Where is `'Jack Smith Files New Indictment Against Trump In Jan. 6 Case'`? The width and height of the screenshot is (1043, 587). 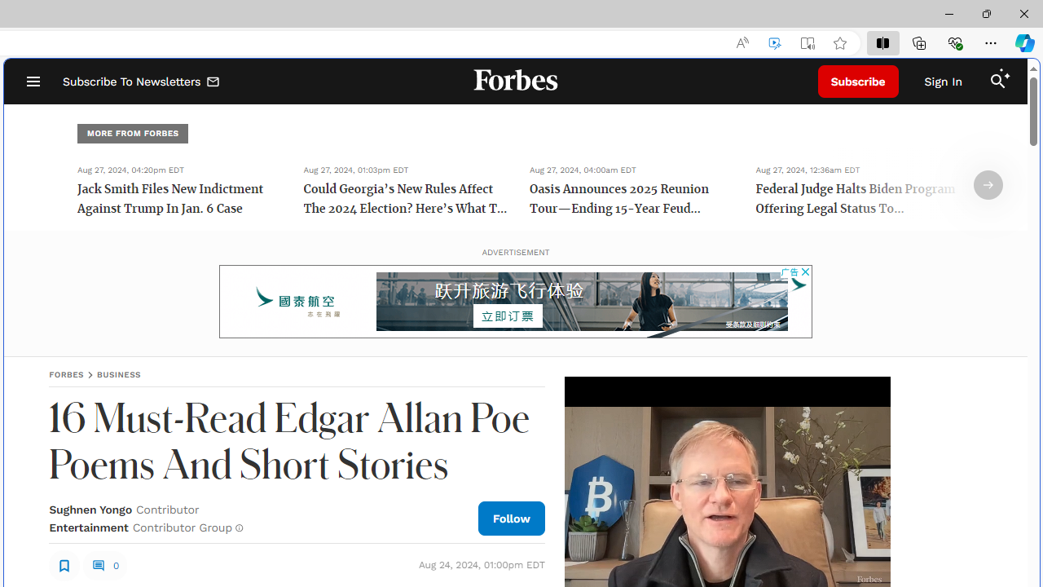
'Jack Smith Files New Indictment Against Trump In Jan. 6 Case' is located at coordinates (179, 199).